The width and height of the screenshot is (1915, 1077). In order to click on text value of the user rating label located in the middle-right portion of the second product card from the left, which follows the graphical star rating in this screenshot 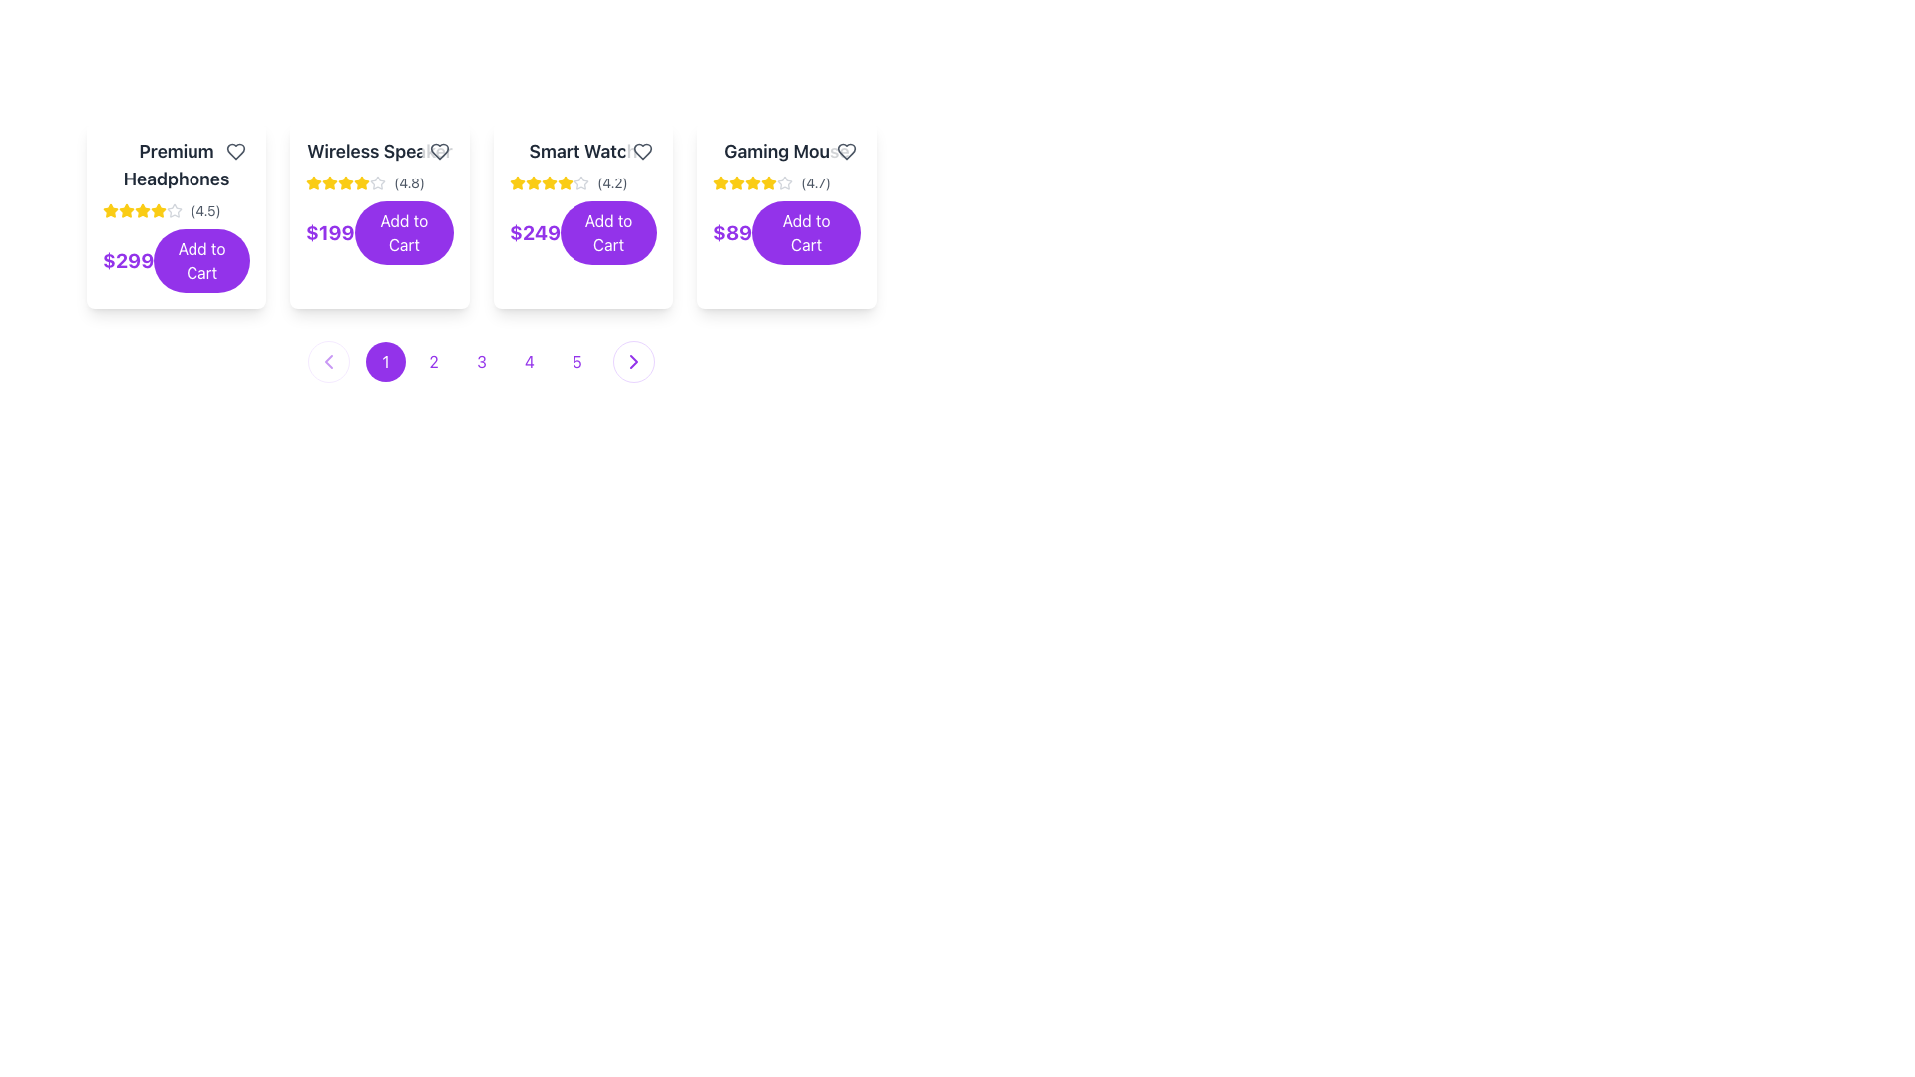, I will do `click(408, 183)`.